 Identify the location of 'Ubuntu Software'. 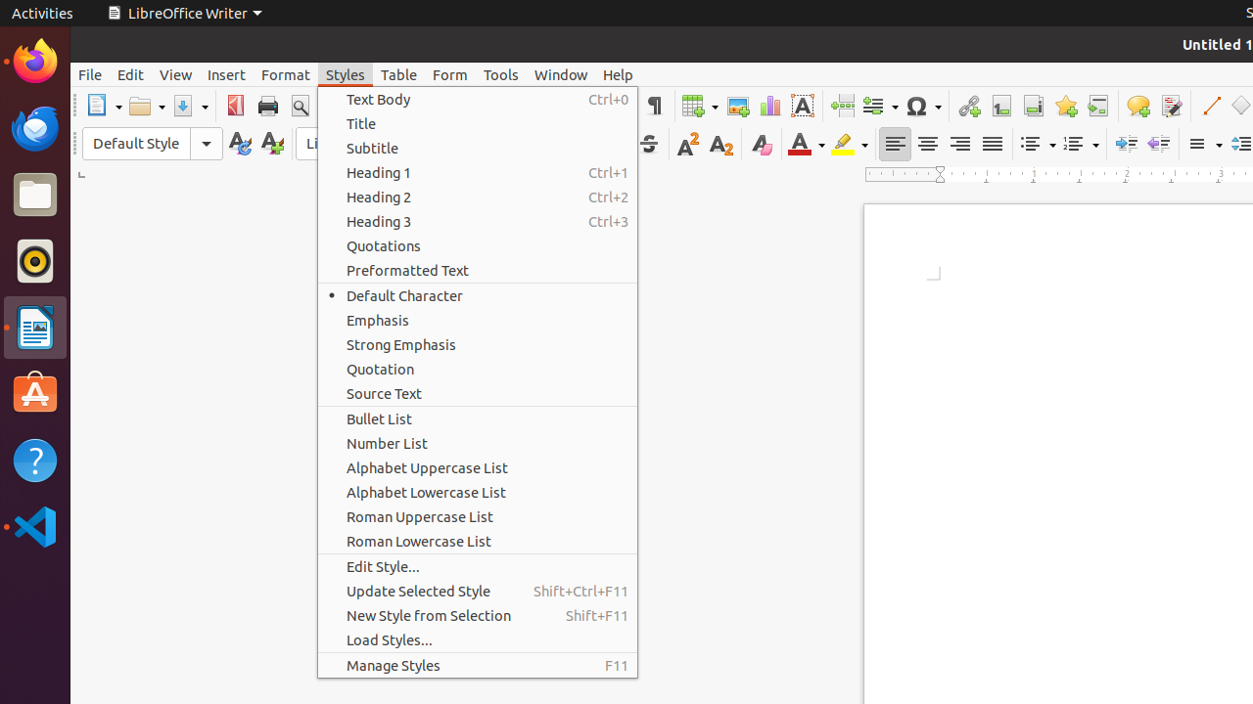
(34, 394).